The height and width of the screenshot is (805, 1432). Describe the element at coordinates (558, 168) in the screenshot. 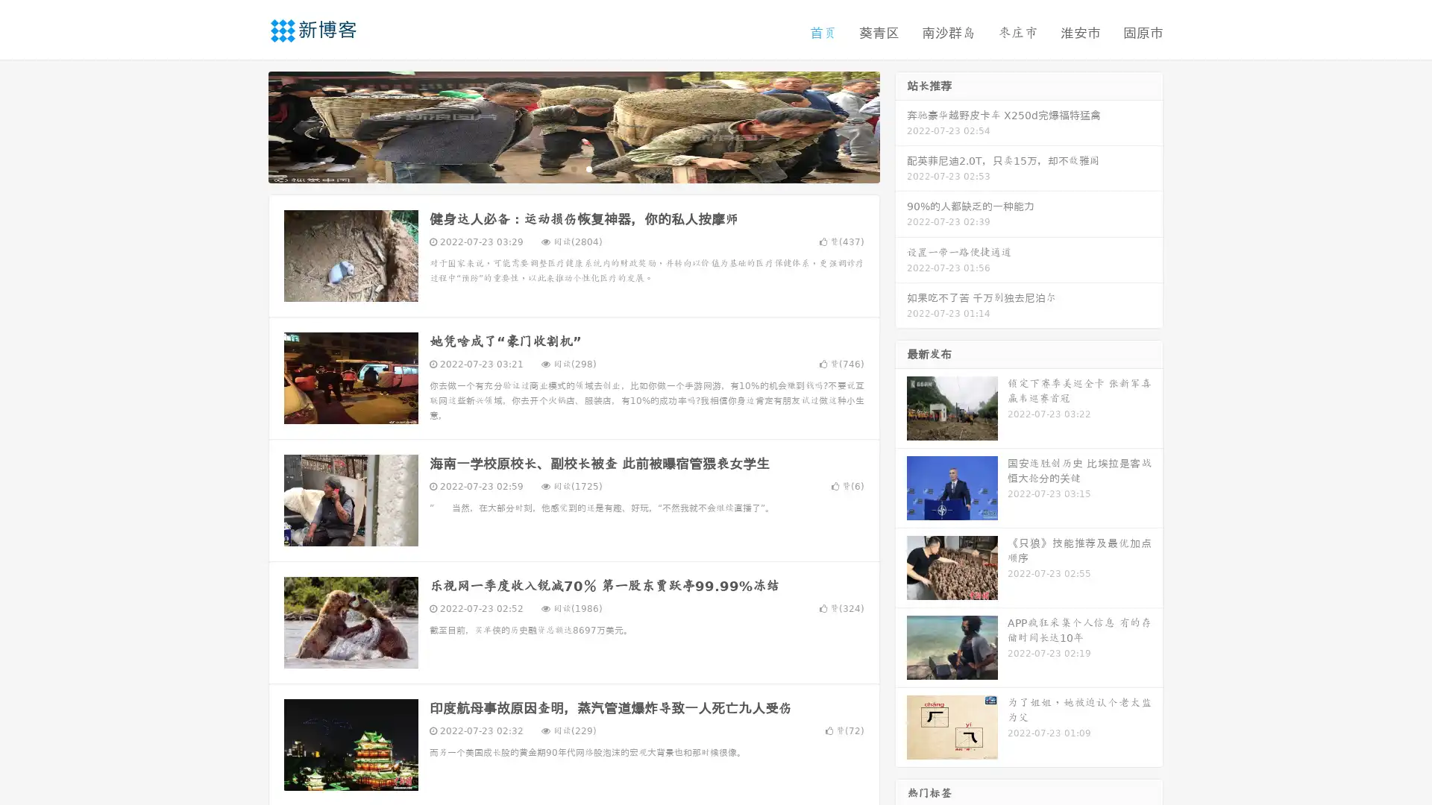

I see `Go to slide 1` at that location.